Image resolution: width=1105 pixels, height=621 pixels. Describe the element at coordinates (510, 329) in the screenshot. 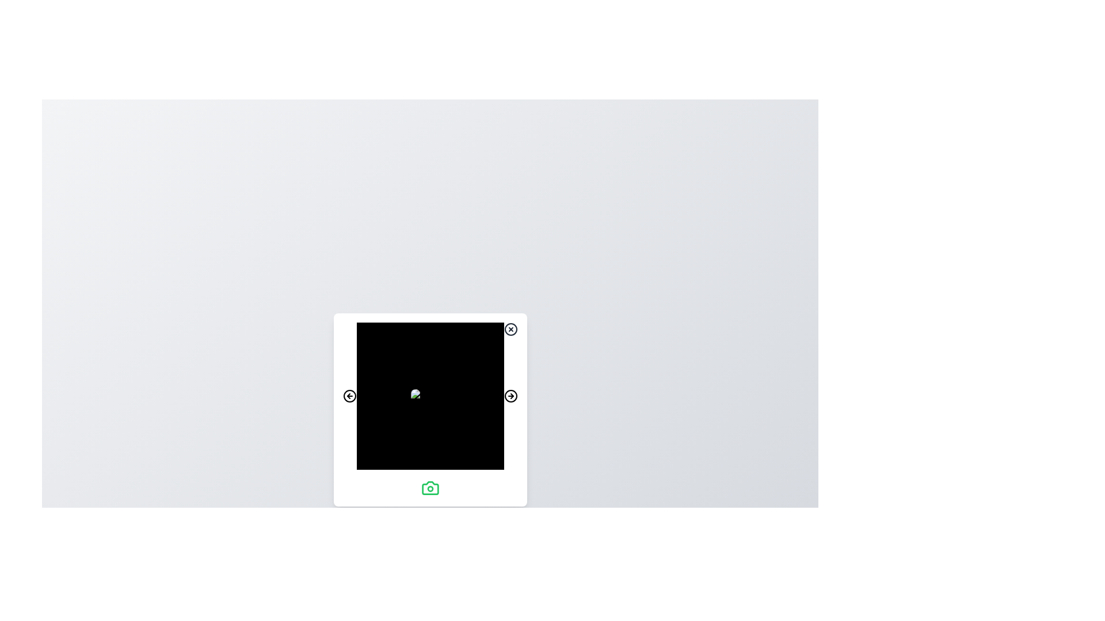

I see `the circle representing the 'close' icon functionality located in the top-right corner of the square-shaped group at the bottom part of the interface` at that location.